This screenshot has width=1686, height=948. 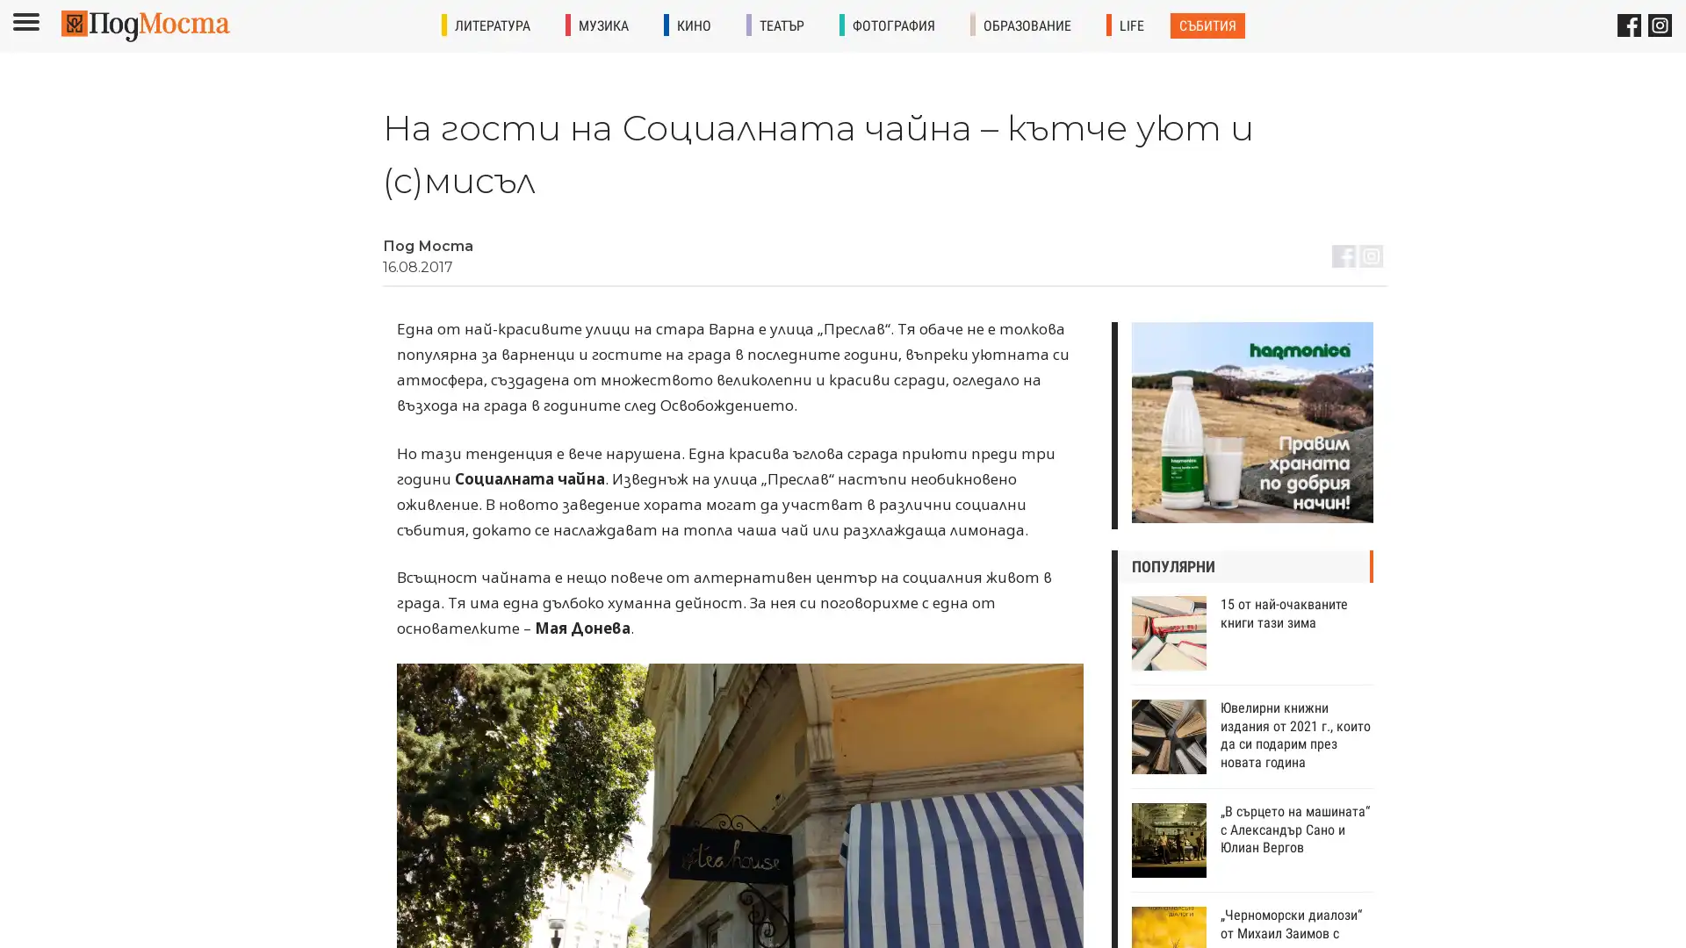 What do you see at coordinates (979, 643) in the screenshot?
I see `Subscribe  !` at bounding box center [979, 643].